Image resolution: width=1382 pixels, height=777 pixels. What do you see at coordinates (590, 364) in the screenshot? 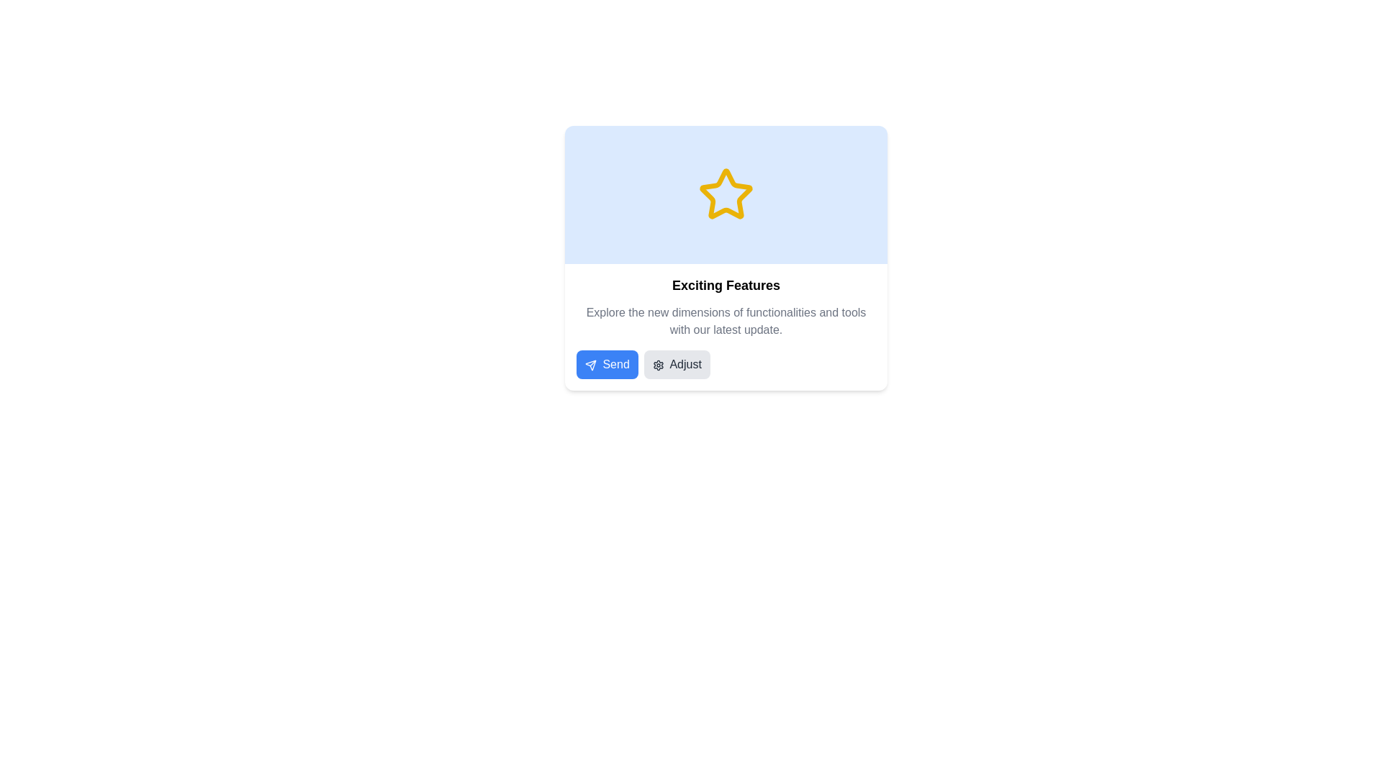
I see `the button containing the minimalist paper airplane vector graphic located at the bottom-left corner of the 'Exciting Features' card, next to the 'Send' button text` at bounding box center [590, 364].